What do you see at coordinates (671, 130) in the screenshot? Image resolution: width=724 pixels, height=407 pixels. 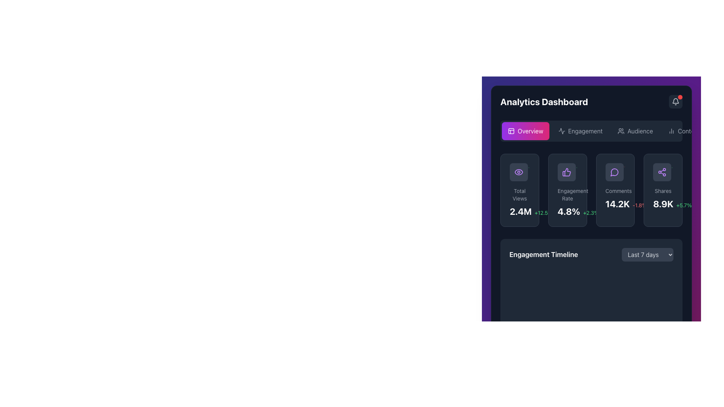 I see `the data visualization icon located in the top navigation bar, which is the last icon to the right before the 'Content' text, to interact with the linked feature or section` at bounding box center [671, 130].